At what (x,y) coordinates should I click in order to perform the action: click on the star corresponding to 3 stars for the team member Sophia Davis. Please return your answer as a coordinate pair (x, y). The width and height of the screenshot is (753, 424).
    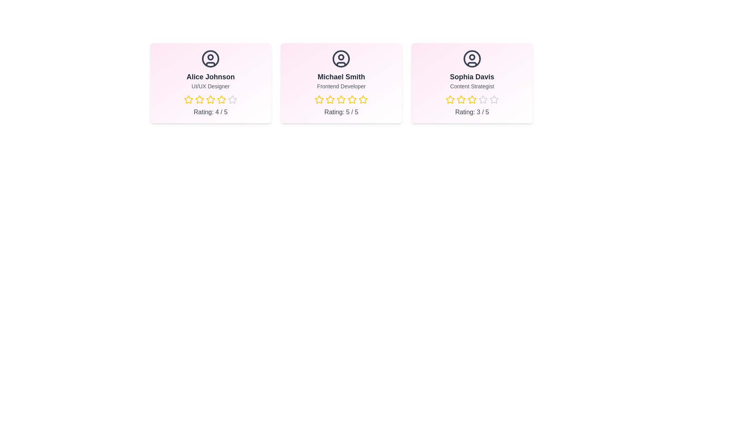
    Looking at the image, I should click on (471, 99).